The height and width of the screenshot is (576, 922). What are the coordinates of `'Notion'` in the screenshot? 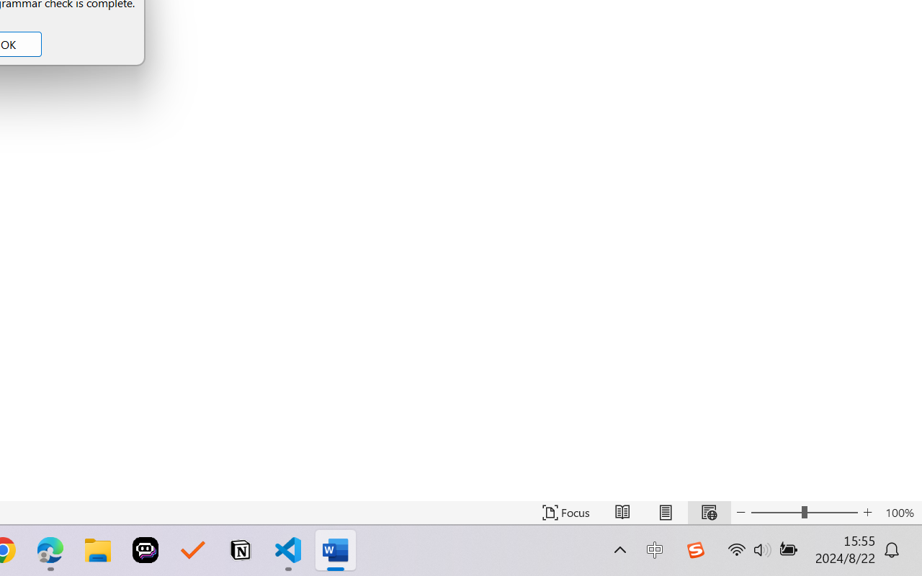 It's located at (241, 550).